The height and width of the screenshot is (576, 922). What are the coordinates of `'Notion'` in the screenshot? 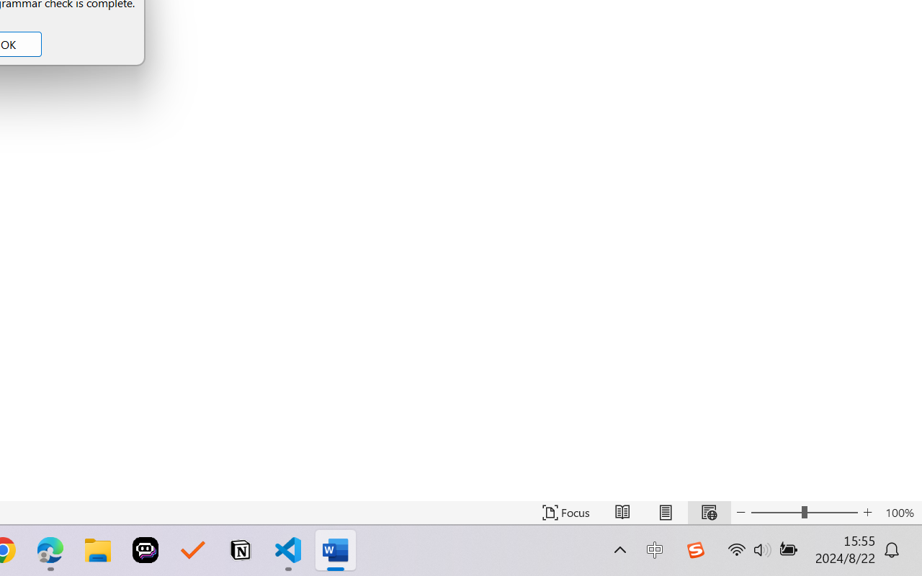 It's located at (241, 550).